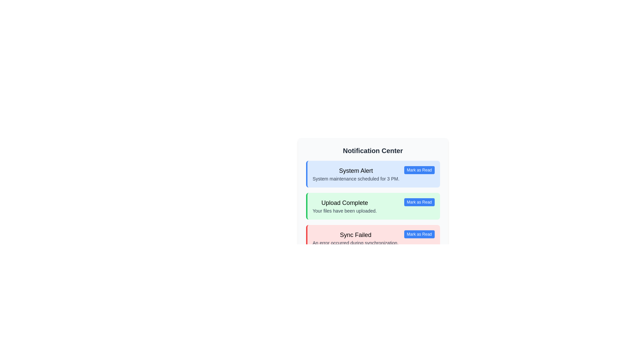 The image size is (643, 361). Describe the element at coordinates (372, 206) in the screenshot. I see `notification content for the 'Upload Complete' notification that has a green background and a blue button labeled 'Mark as Read.'` at that location.